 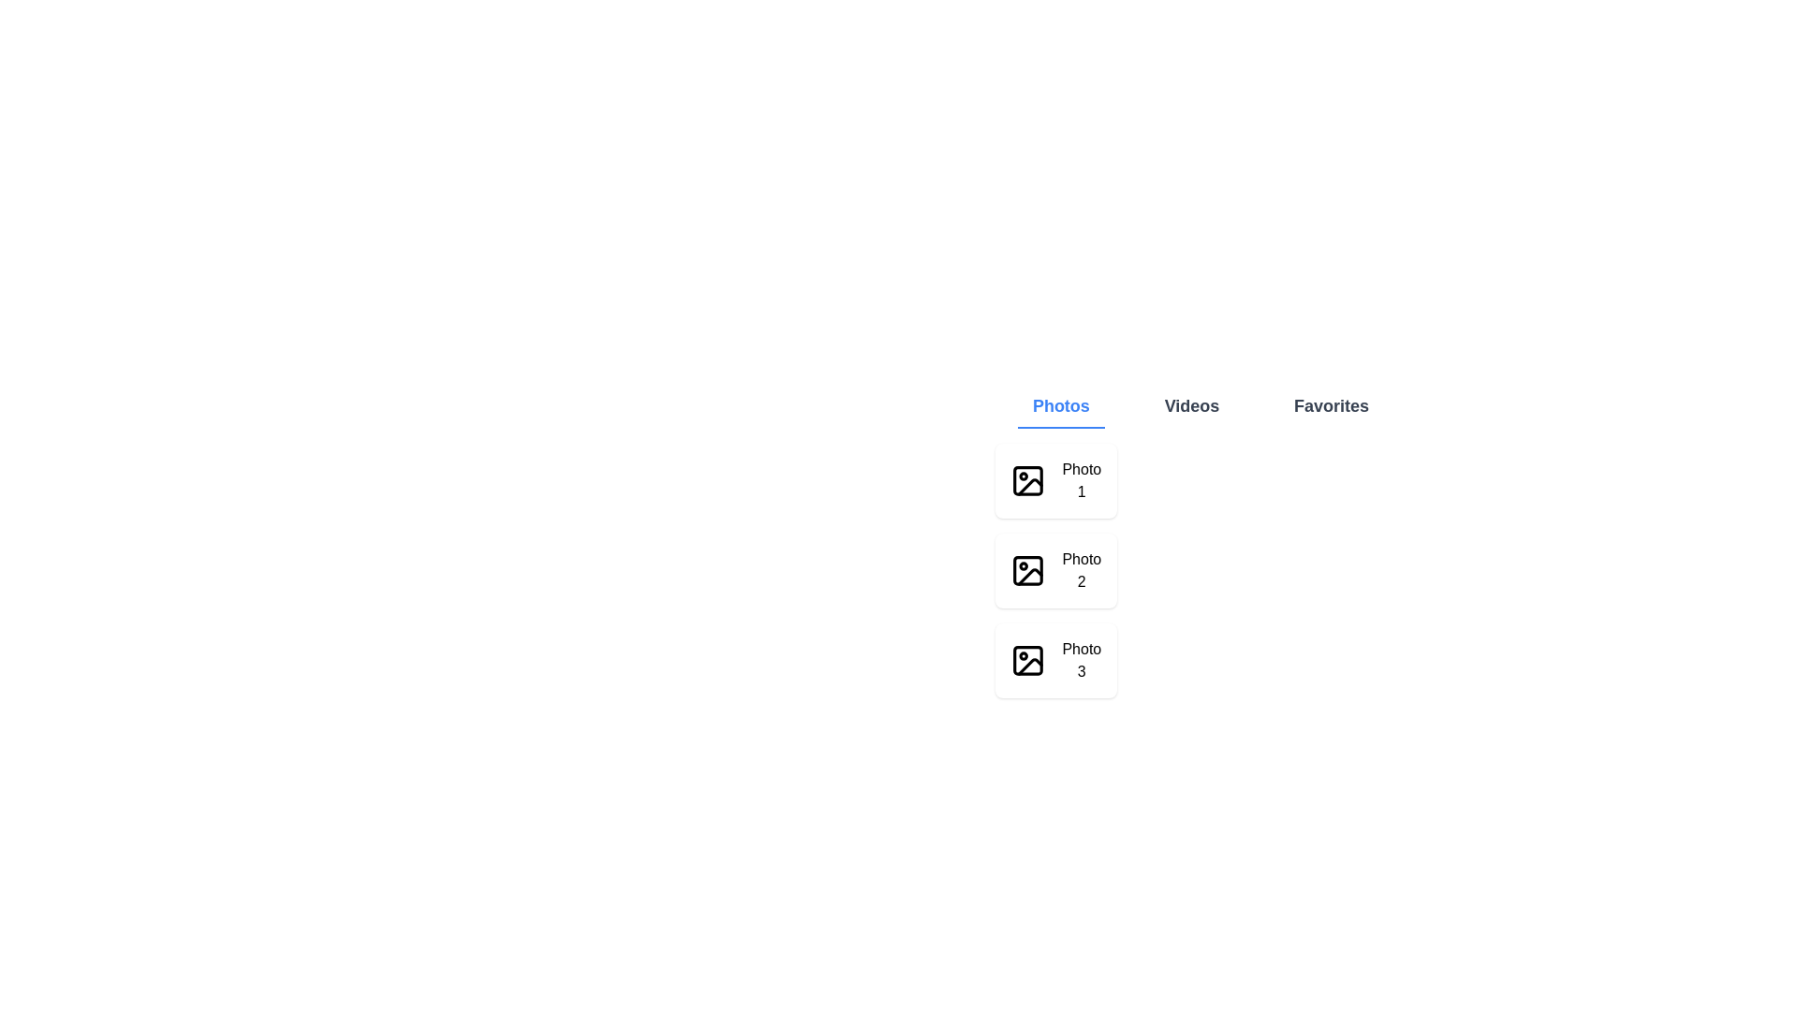 I want to click on text content of the label displaying 'Photo 2', which is styled in black font and located below an image icon in the 'Photos' section, so click(x=1082, y=569).